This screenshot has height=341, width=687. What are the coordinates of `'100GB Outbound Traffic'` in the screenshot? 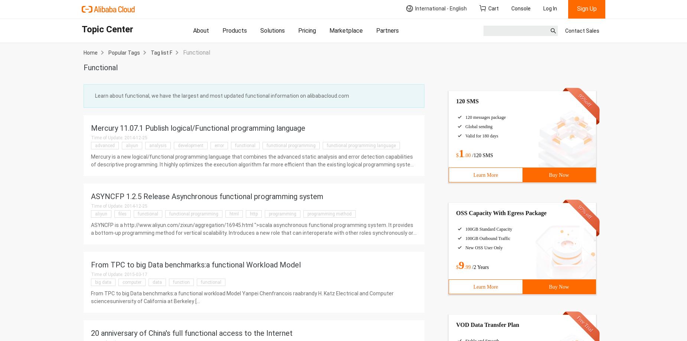 It's located at (487, 238).